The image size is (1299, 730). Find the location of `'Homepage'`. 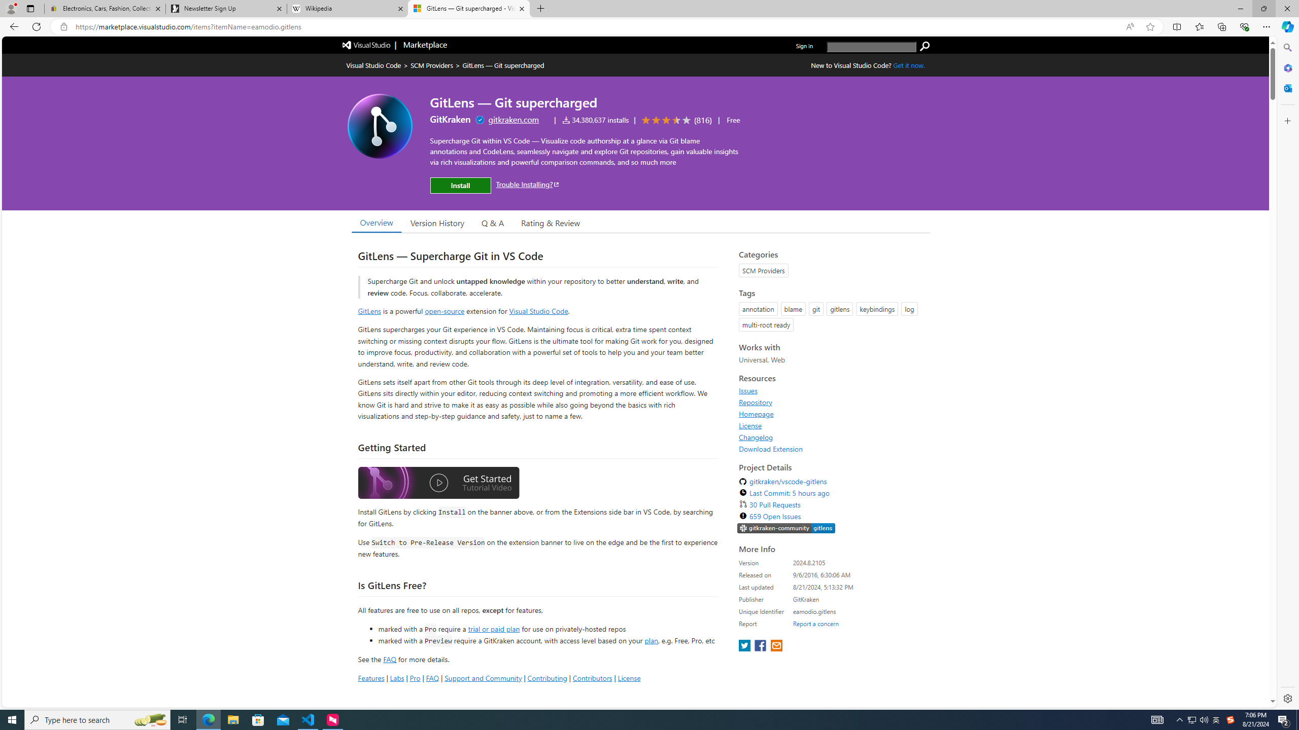

'Homepage' is located at coordinates (757, 413).